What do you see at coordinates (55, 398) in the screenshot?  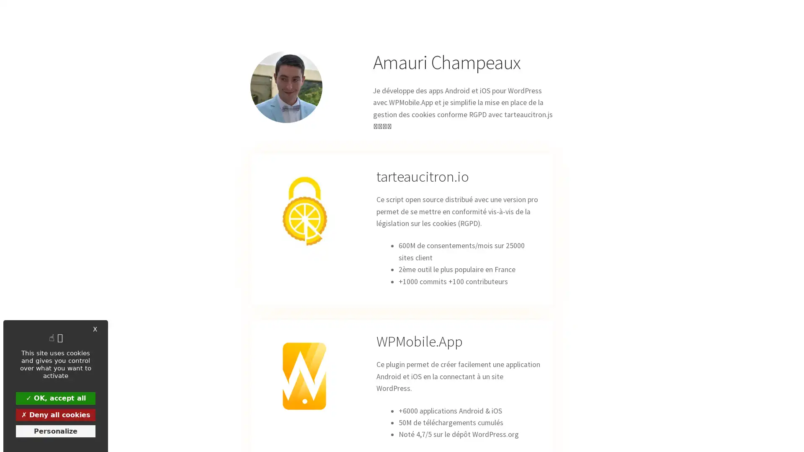 I see `OK, accept all` at bounding box center [55, 398].